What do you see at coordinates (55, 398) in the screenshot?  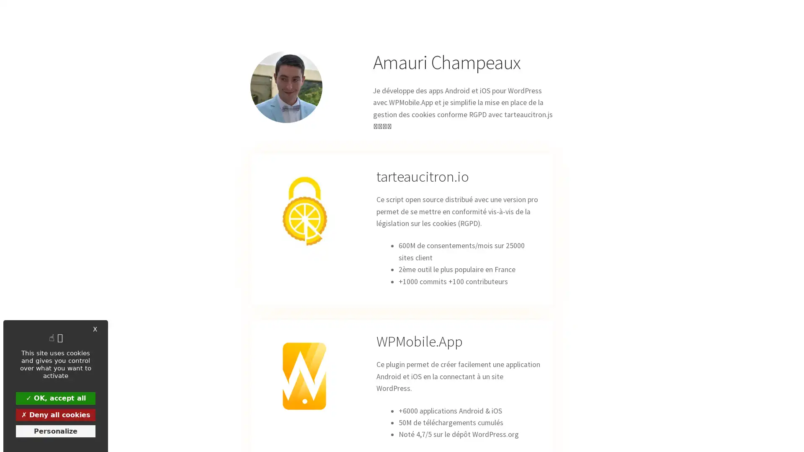 I see `OK, accept all` at bounding box center [55, 398].